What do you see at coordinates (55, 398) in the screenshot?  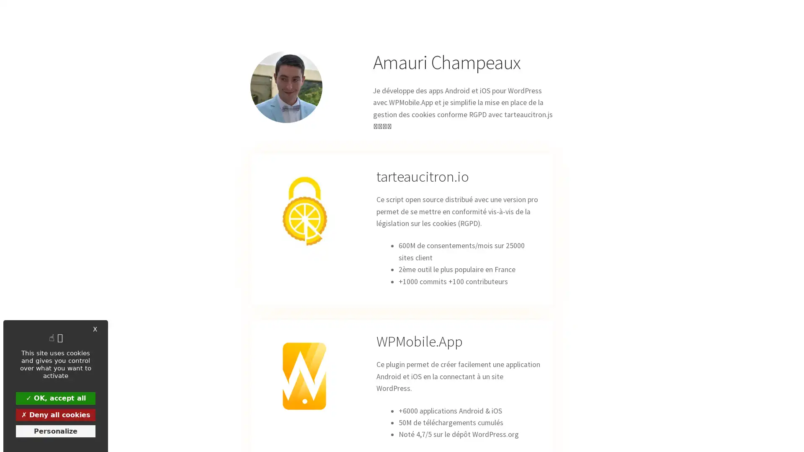 I see `OK, accept all` at bounding box center [55, 398].